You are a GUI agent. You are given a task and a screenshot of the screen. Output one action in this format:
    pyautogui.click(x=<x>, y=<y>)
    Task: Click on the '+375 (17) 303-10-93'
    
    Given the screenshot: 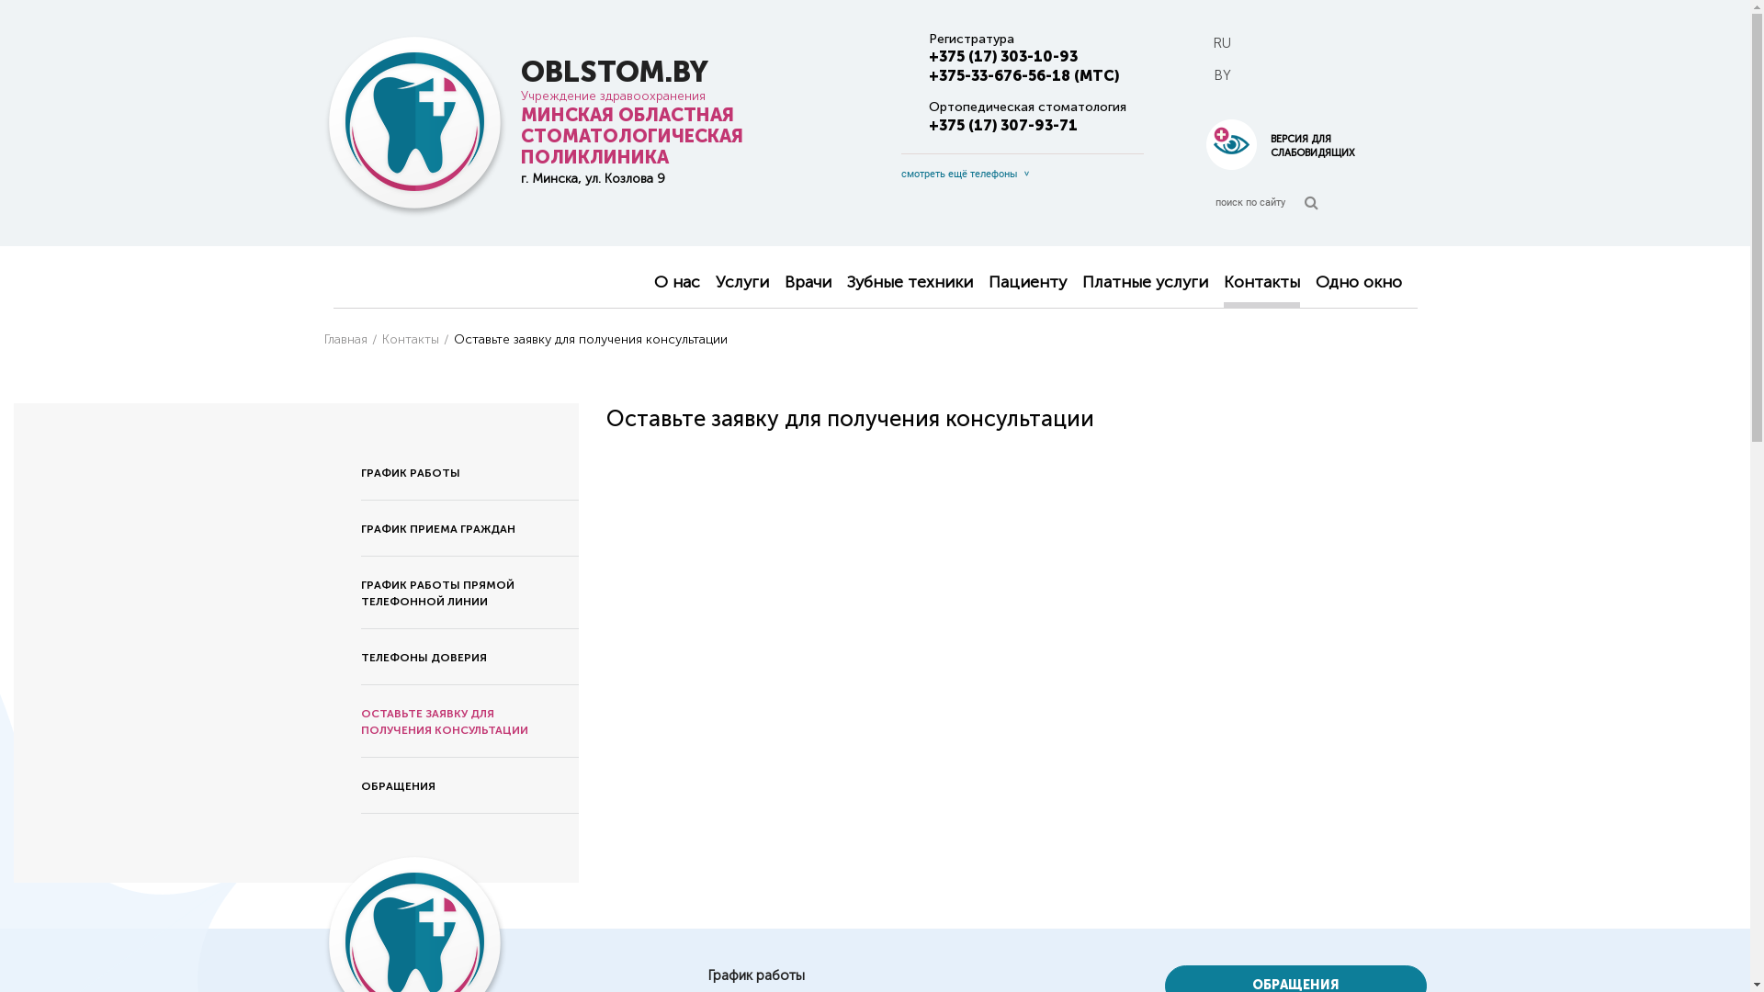 What is the action you would take?
    pyautogui.click(x=927, y=55)
    